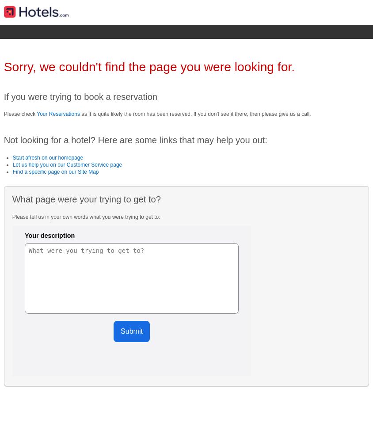 Image resolution: width=373 pixels, height=442 pixels. I want to click on 'Find a specific page on our Site Map', so click(55, 172).